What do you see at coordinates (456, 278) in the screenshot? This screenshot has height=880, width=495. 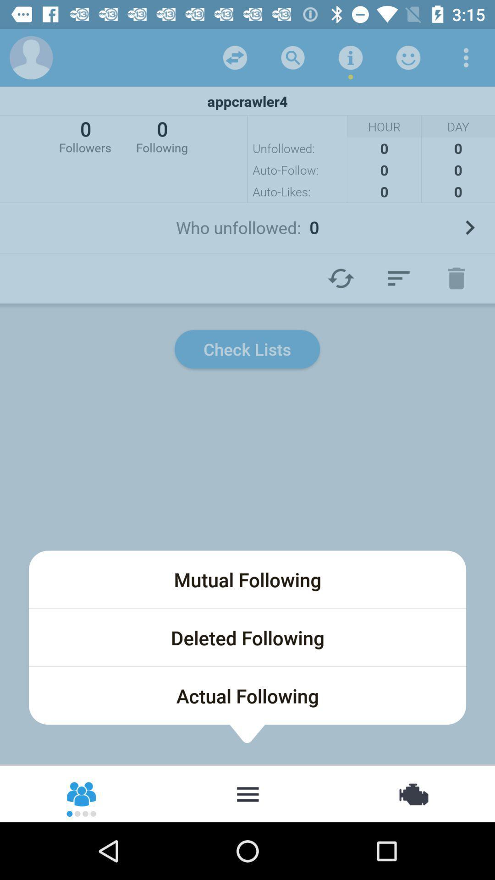 I see `delete` at bounding box center [456, 278].